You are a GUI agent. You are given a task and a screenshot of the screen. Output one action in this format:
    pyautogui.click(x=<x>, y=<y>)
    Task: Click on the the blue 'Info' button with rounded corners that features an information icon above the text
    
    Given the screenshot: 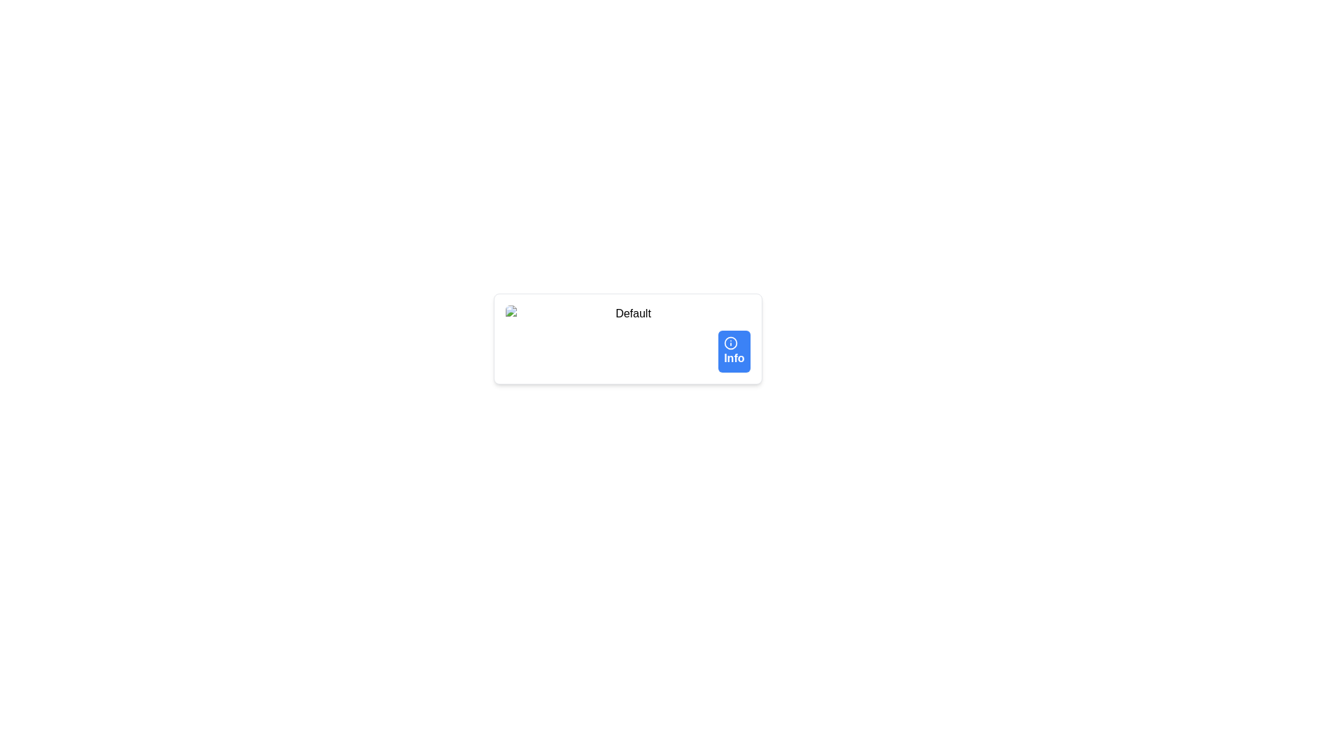 What is the action you would take?
    pyautogui.click(x=733, y=350)
    